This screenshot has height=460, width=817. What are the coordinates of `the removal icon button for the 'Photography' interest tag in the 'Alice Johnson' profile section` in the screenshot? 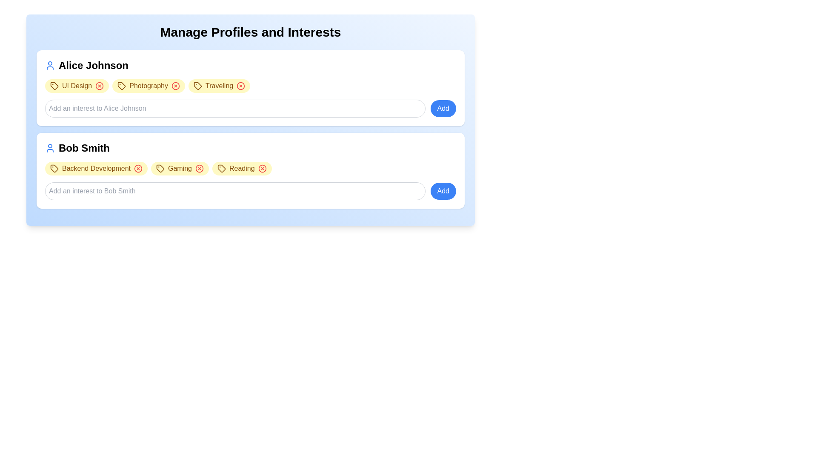 It's located at (175, 86).